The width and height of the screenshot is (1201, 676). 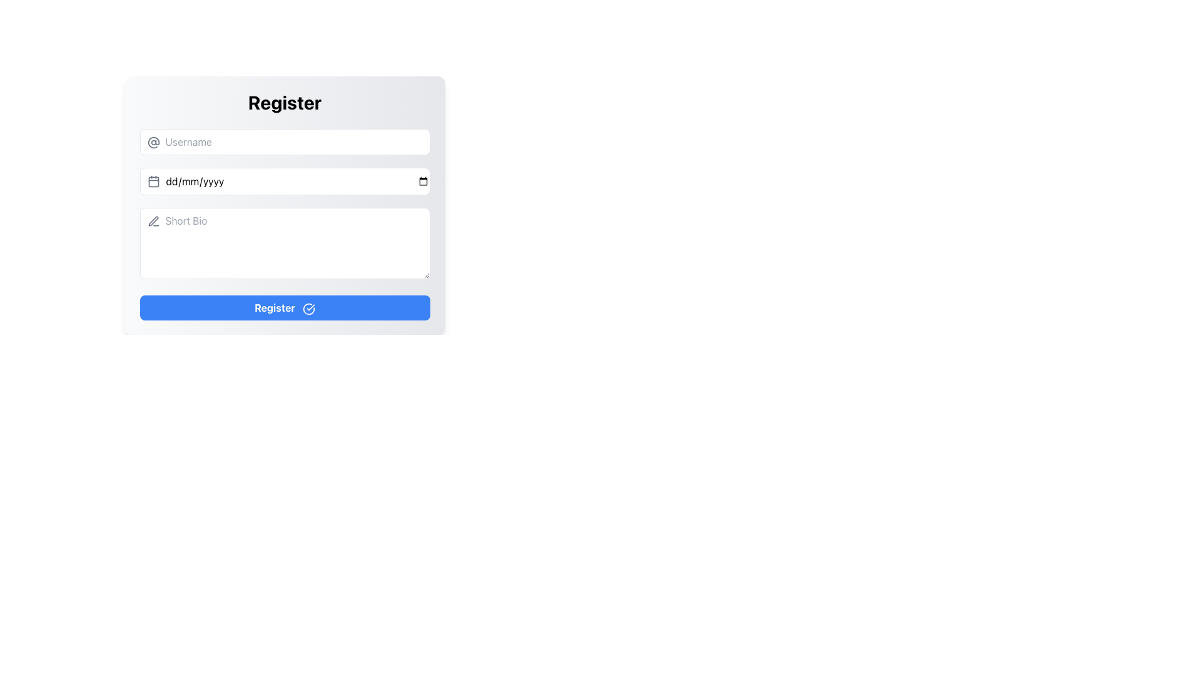 I want to click on the date input field, which is the second input field in the 'Register' form, to observe the interactive styling changes, so click(x=284, y=181).